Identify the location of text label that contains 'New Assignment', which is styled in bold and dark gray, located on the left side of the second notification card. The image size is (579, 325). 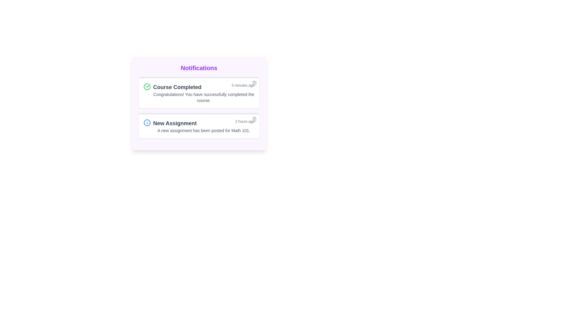
(175, 123).